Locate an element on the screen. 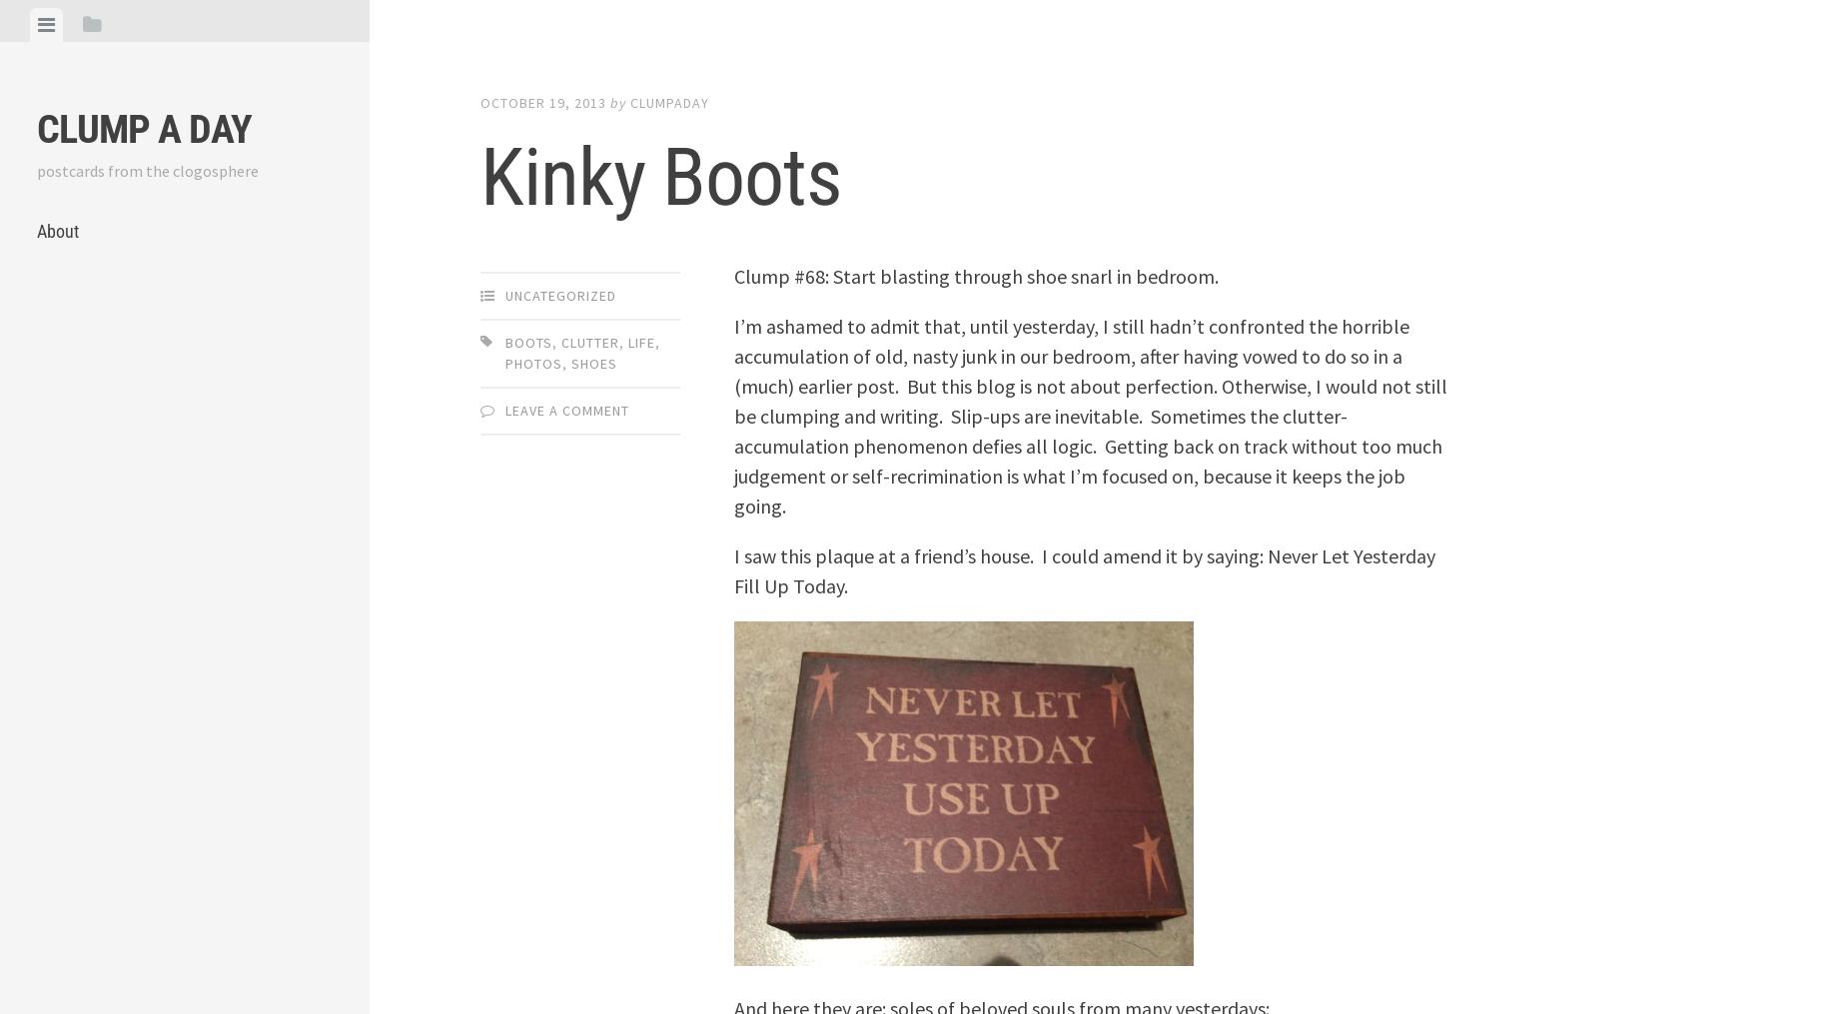 The width and height of the screenshot is (1848, 1014). 'Life' is located at coordinates (641, 340).